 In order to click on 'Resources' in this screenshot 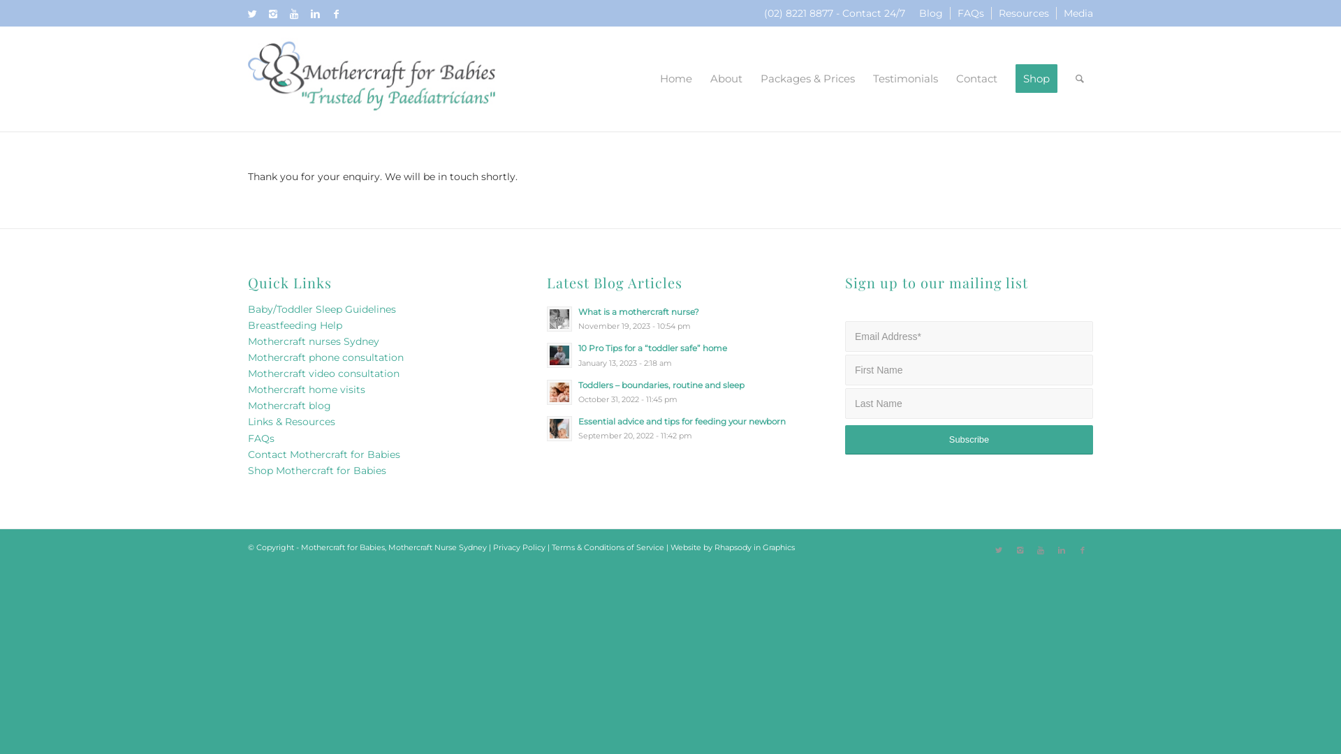, I will do `click(998, 13)`.